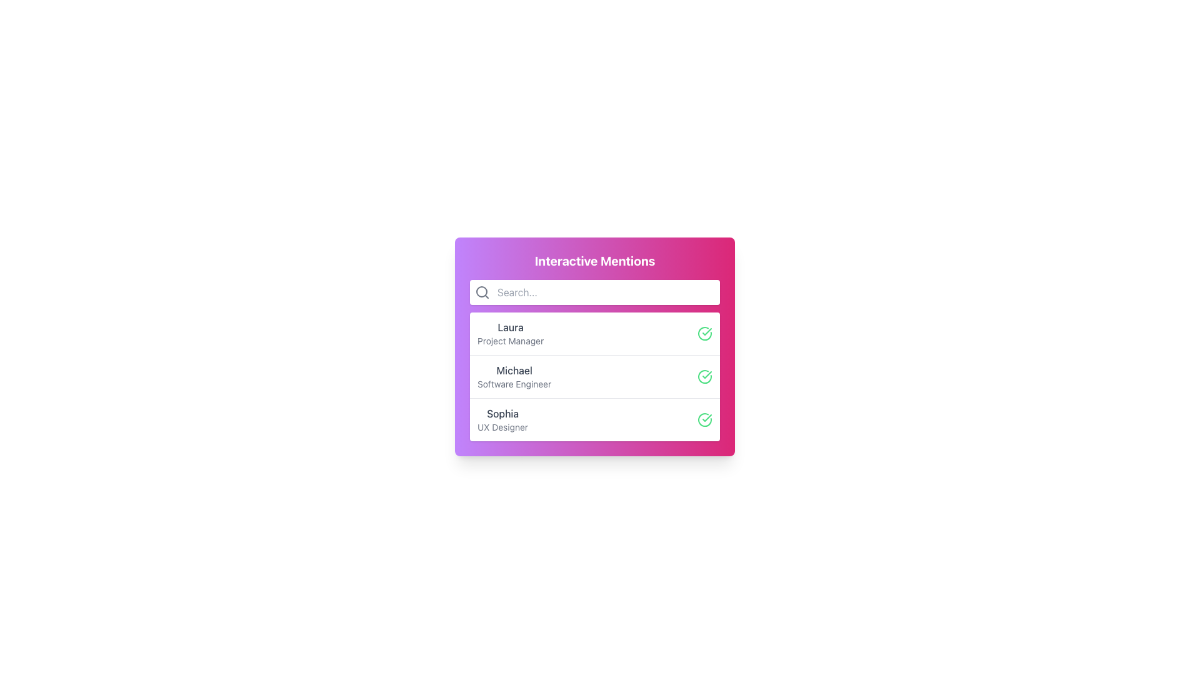 Image resolution: width=1200 pixels, height=675 pixels. What do you see at coordinates (705, 419) in the screenshot?
I see `the green checkmark icon with a circular outline, positioned as the rightmost element in the row labeled 'Sophia UX Designer'` at bounding box center [705, 419].